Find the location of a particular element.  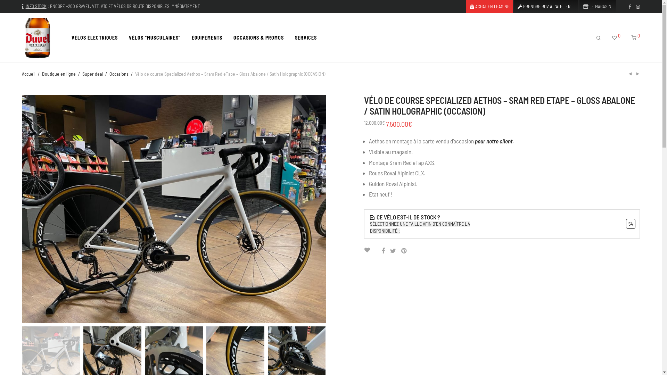

'LE MAGASIN' is located at coordinates (595, 7).